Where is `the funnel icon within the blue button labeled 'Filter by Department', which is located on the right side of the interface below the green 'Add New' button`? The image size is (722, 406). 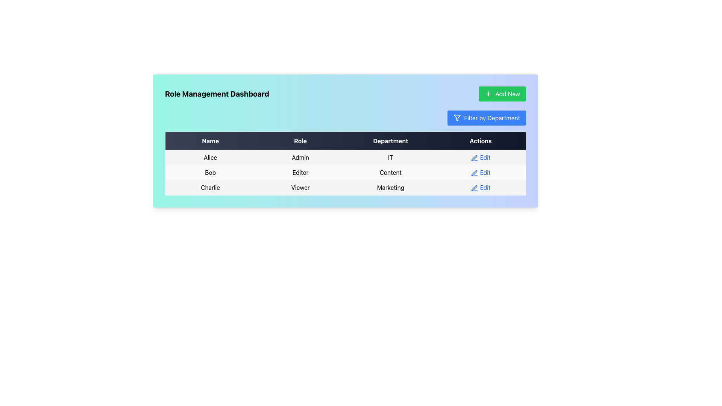 the funnel icon within the blue button labeled 'Filter by Department', which is located on the right side of the interface below the green 'Add New' button is located at coordinates (457, 118).